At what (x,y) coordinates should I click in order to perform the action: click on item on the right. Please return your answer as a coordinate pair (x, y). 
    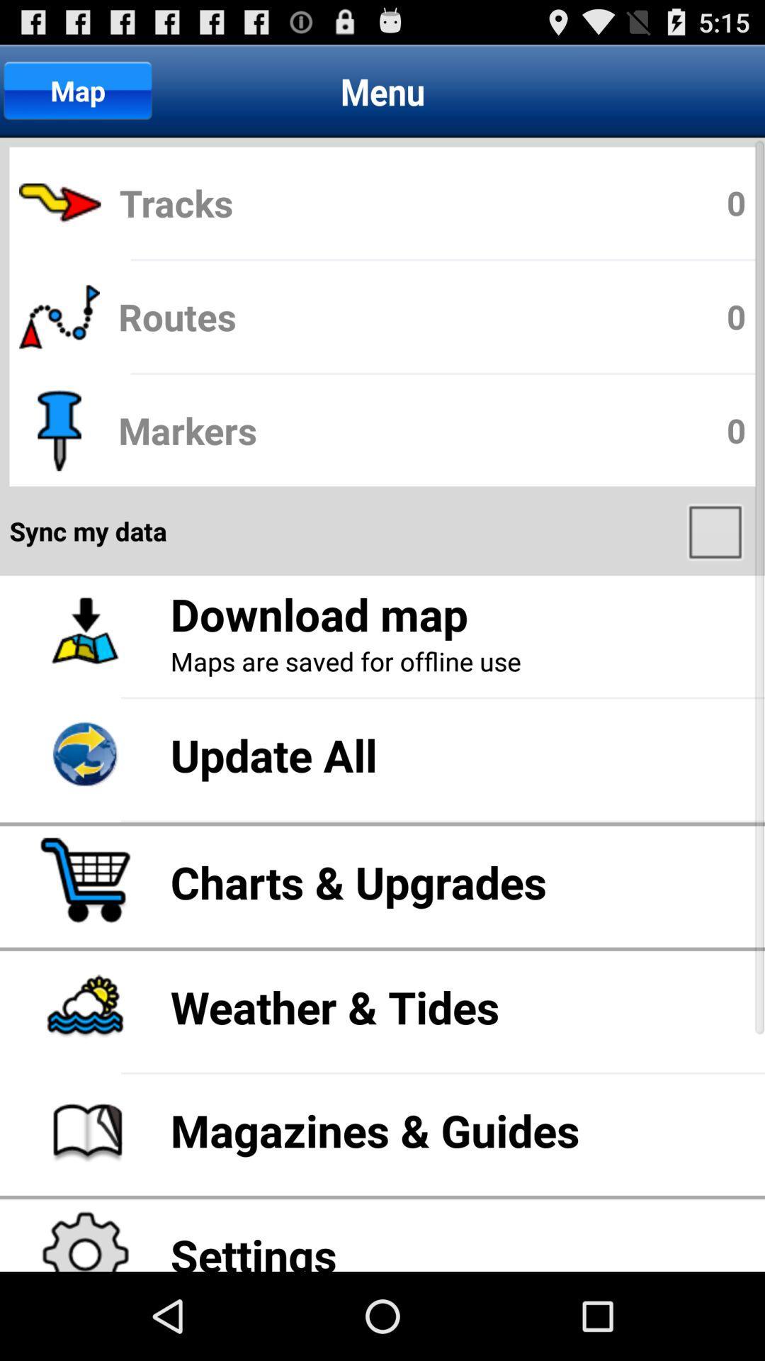
    Looking at the image, I should click on (717, 530).